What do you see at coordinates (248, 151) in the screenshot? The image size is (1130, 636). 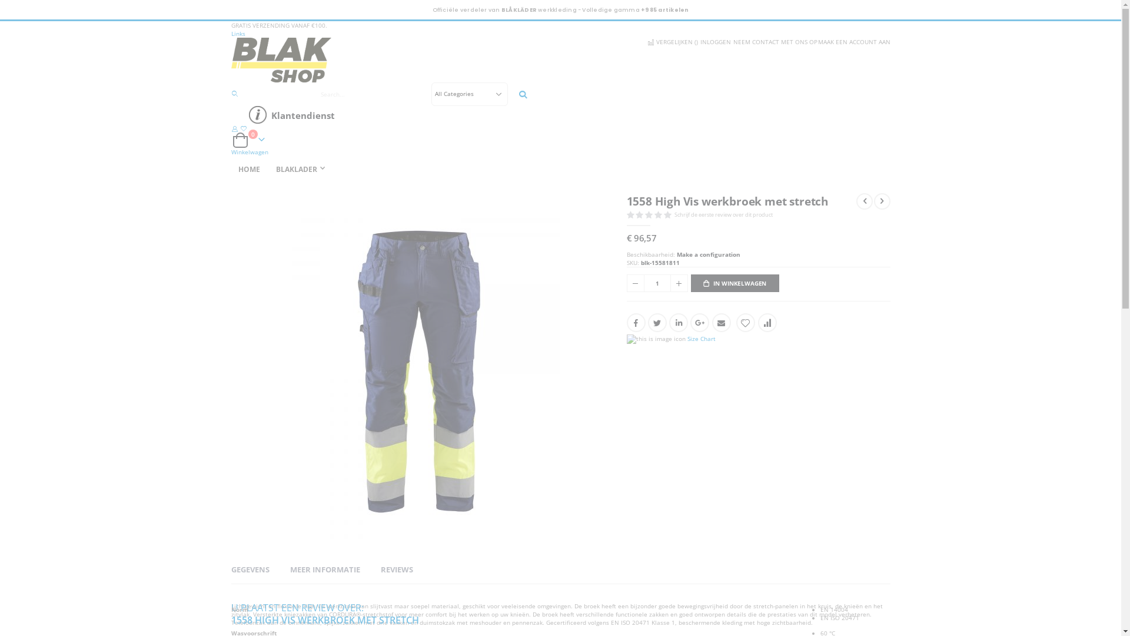 I see `'Winkelwagen'` at bounding box center [248, 151].